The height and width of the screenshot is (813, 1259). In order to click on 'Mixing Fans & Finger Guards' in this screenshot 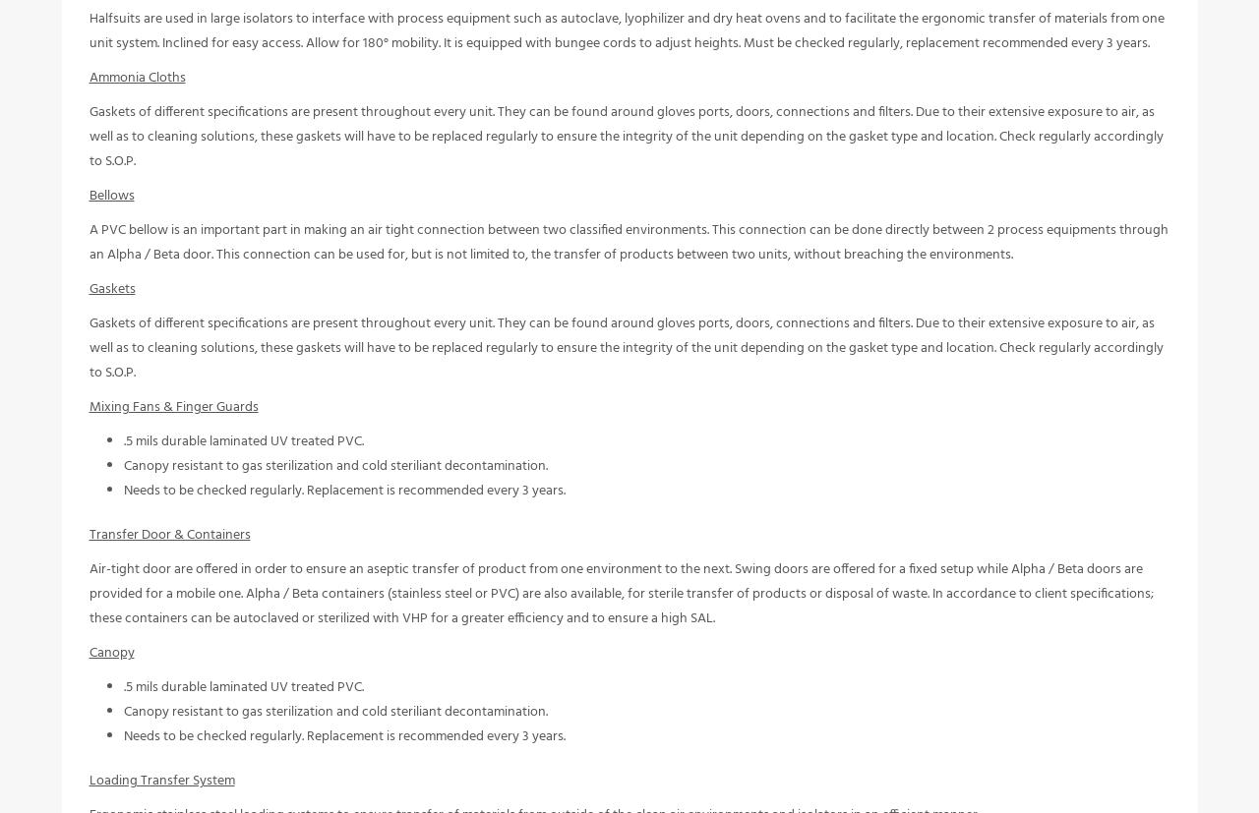, I will do `click(173, 420)`.